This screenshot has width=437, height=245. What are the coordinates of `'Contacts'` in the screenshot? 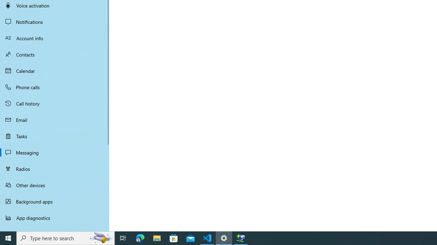 It's located at (55, 54).